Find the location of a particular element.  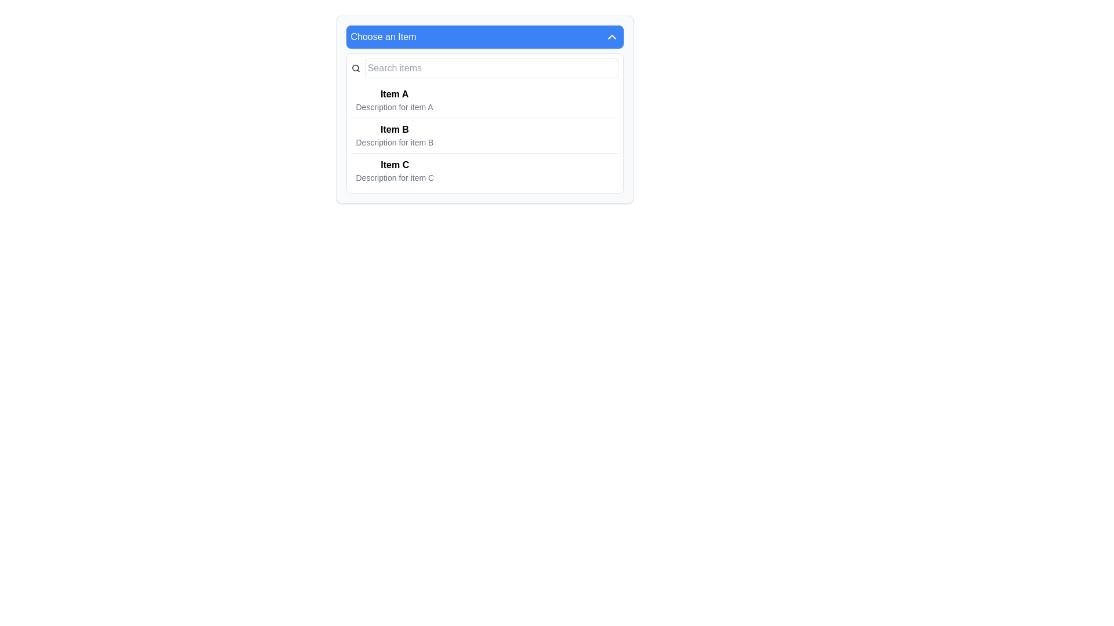

the search icon located at the far left of the horizontal search bar, adjacent to the text input field is located at coordinates (355, 68).